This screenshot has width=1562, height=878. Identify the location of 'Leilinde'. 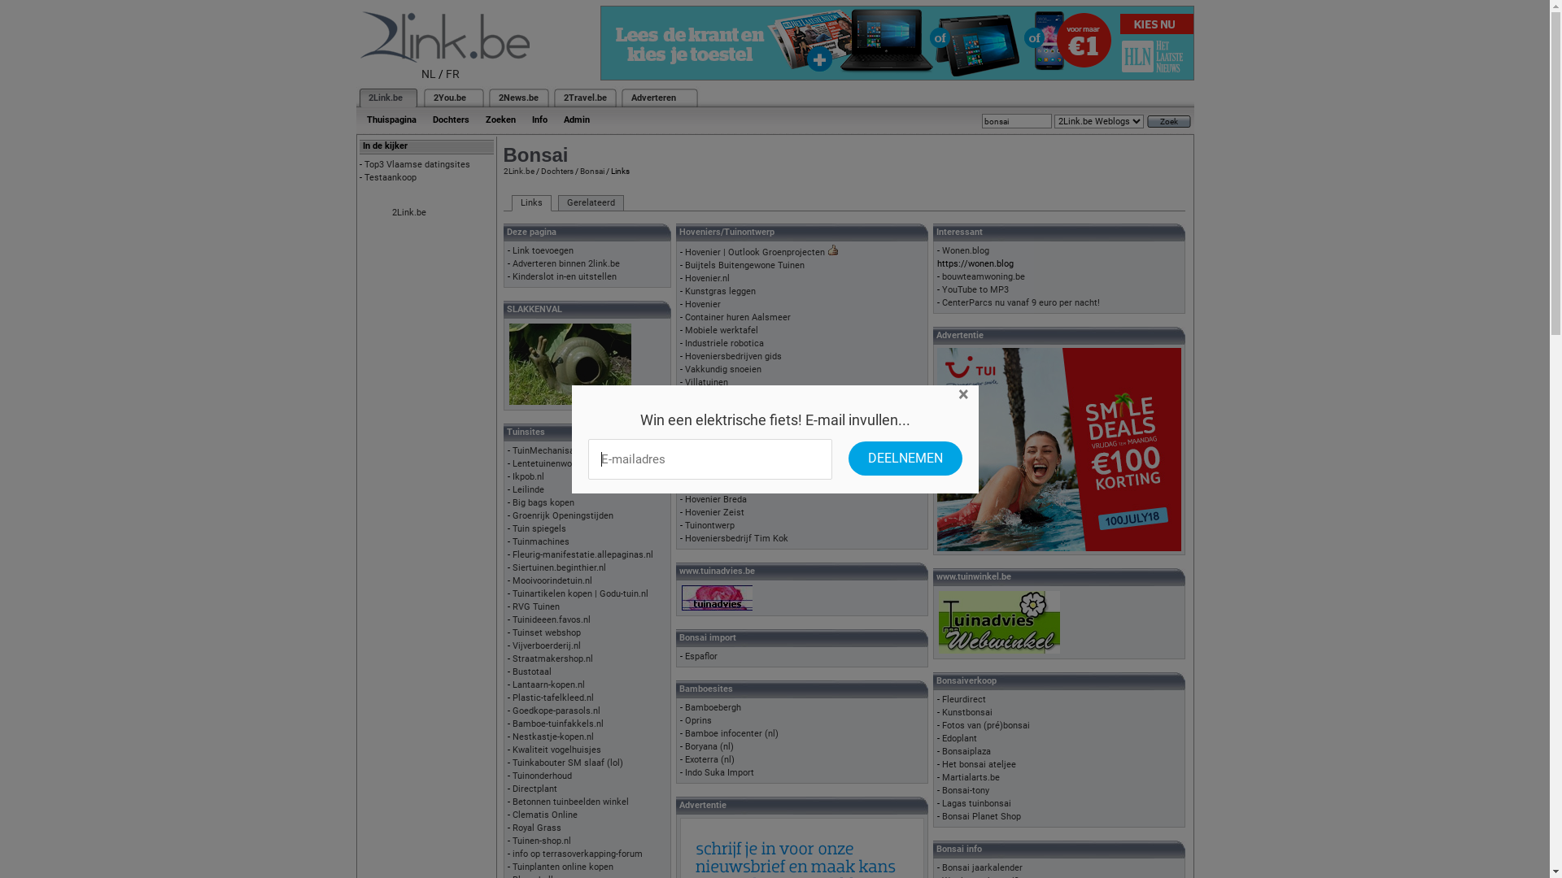
(528, 489).